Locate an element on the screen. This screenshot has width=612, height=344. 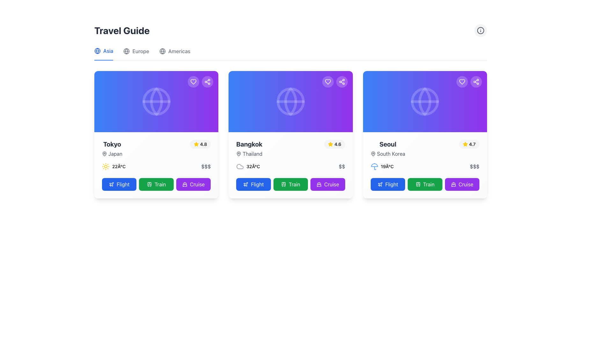
the sharing icon located in the top-right corner of the 'Seoul' card is located at coordinates (476, 82).